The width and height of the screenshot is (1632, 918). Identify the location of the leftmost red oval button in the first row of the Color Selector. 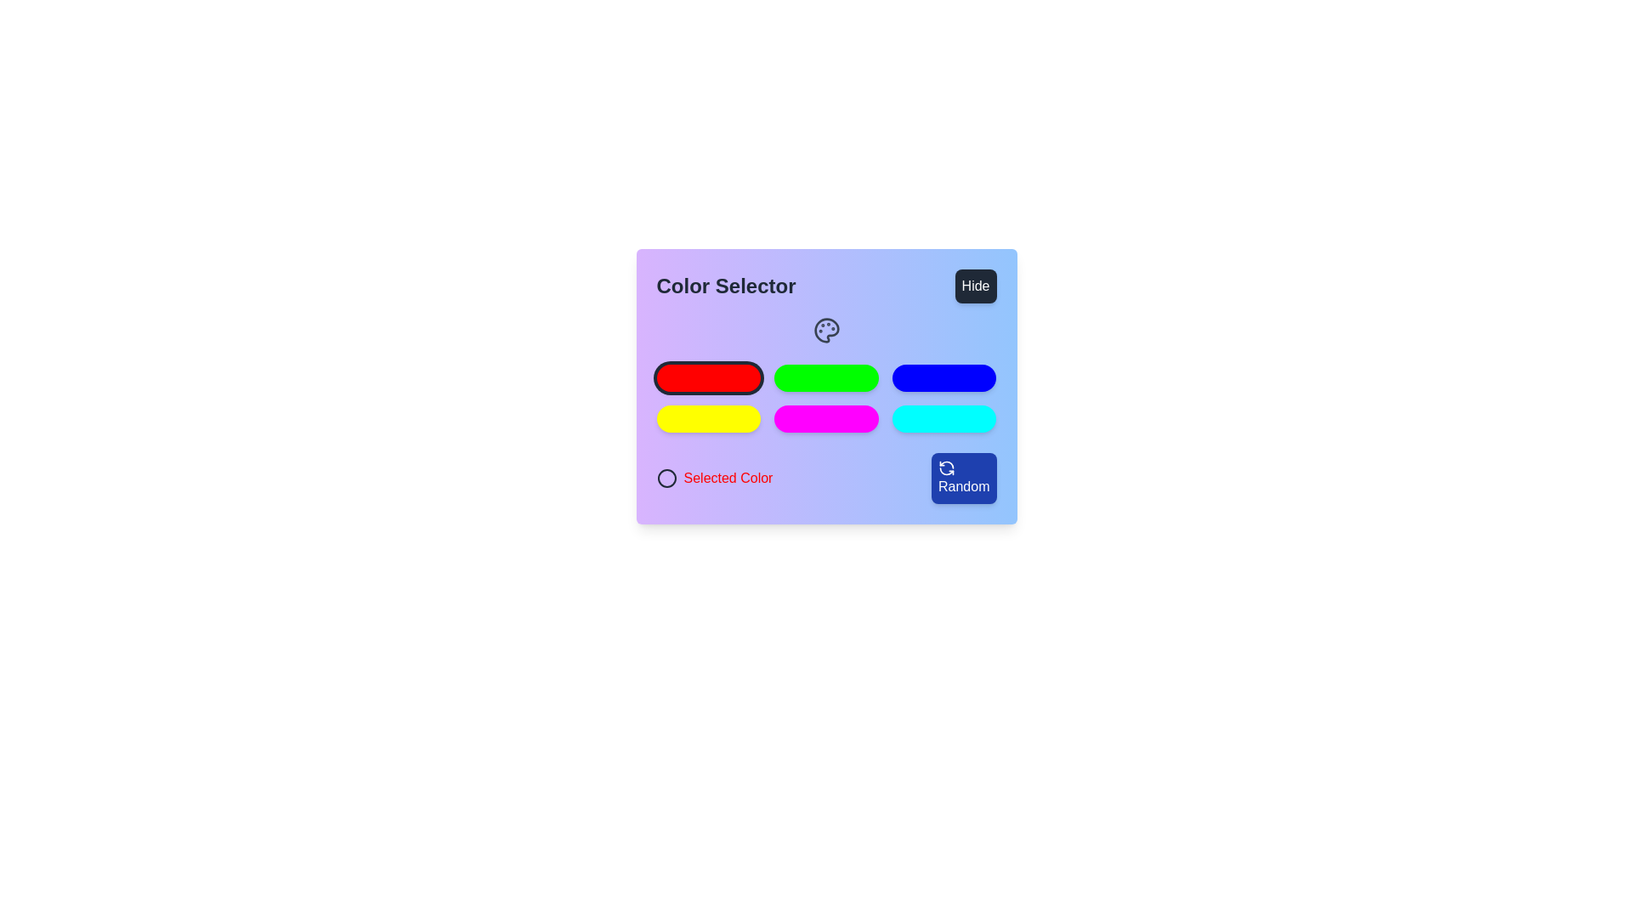
(708, 377).